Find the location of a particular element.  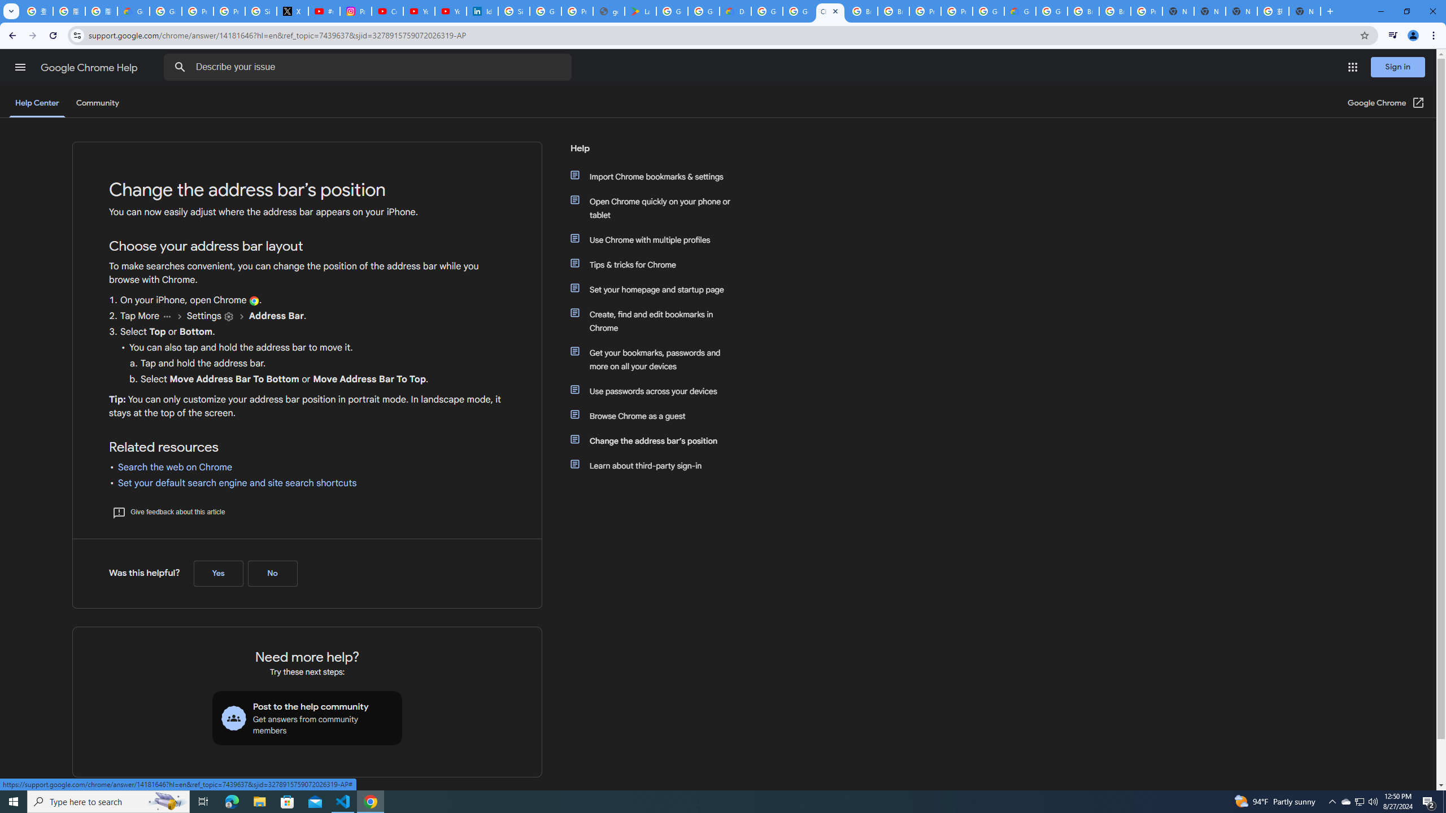

'Learn about third-party sign-in' is located at coordinates (656, 465).